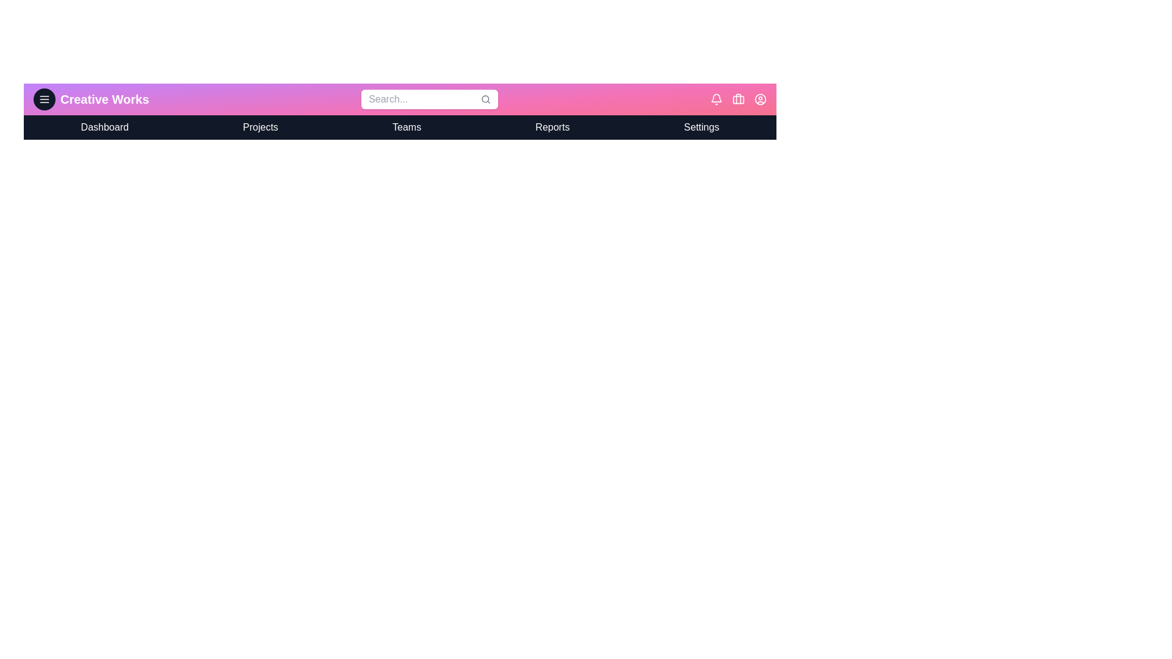  I want to click on the navigation menu item Settings to navigate to the respective section, so click(701, 127).